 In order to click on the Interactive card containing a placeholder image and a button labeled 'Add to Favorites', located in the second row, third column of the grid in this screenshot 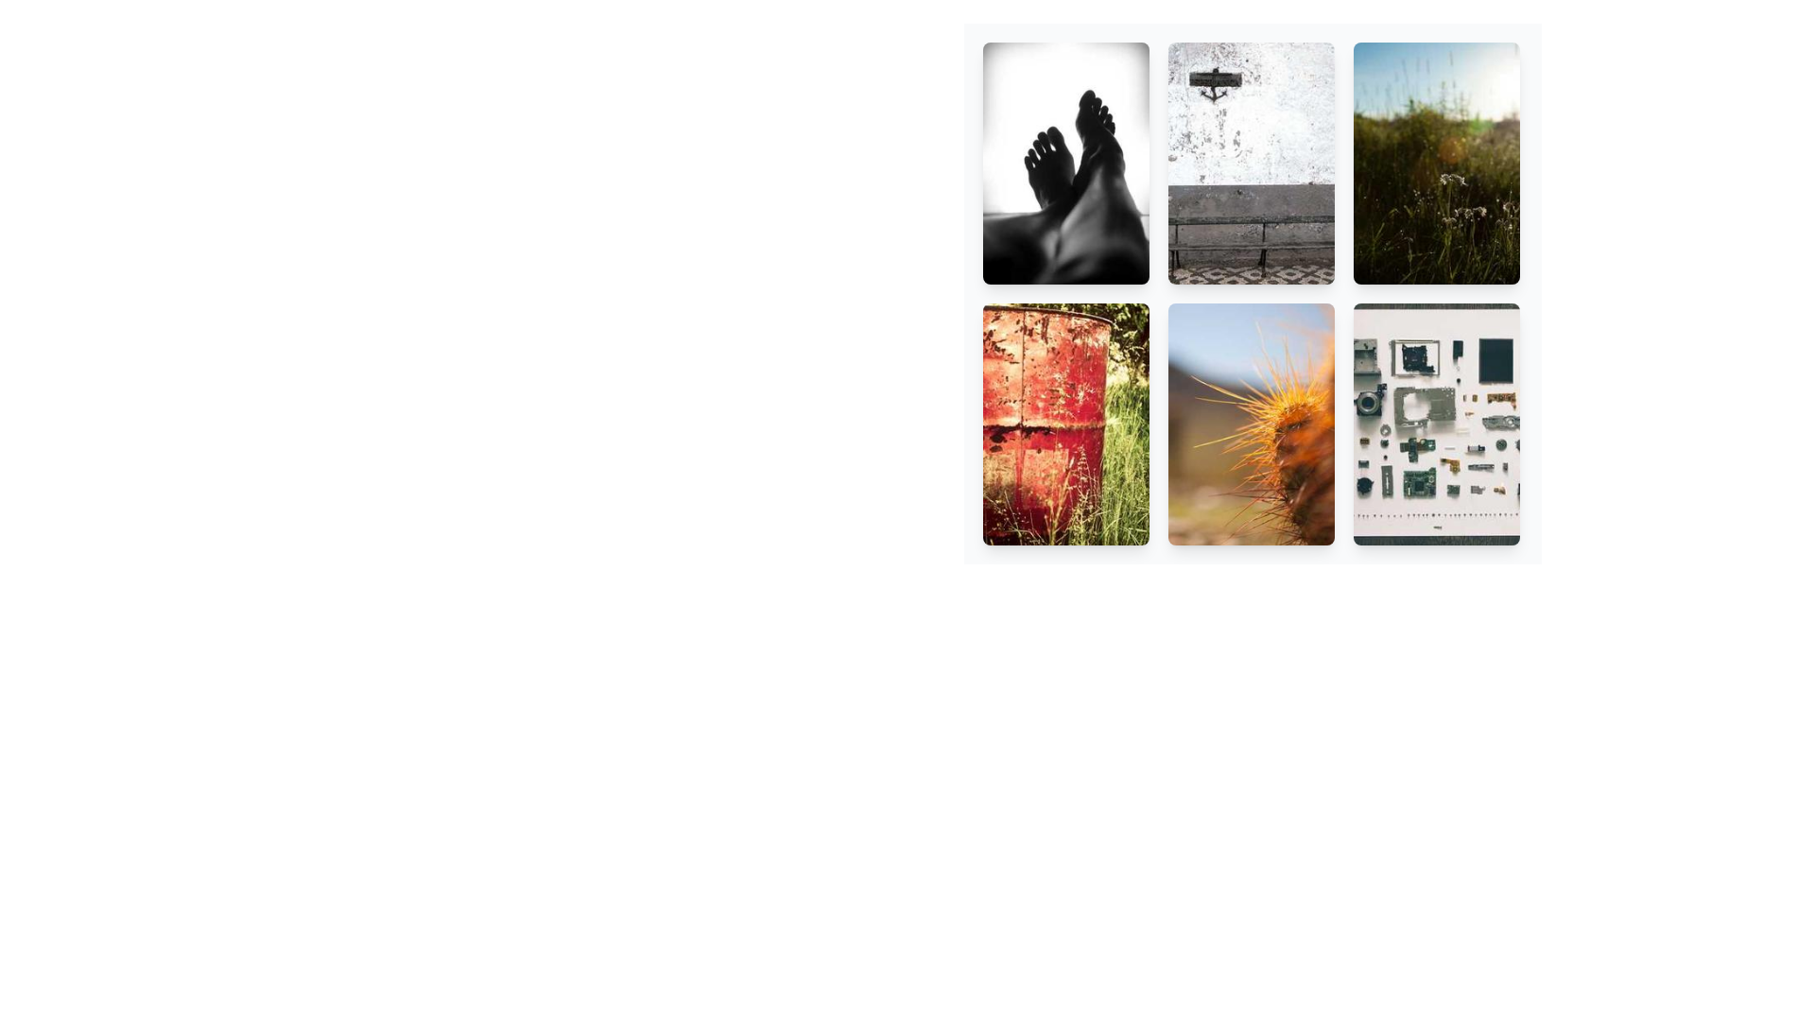, I will do `click(1252, 423)`.